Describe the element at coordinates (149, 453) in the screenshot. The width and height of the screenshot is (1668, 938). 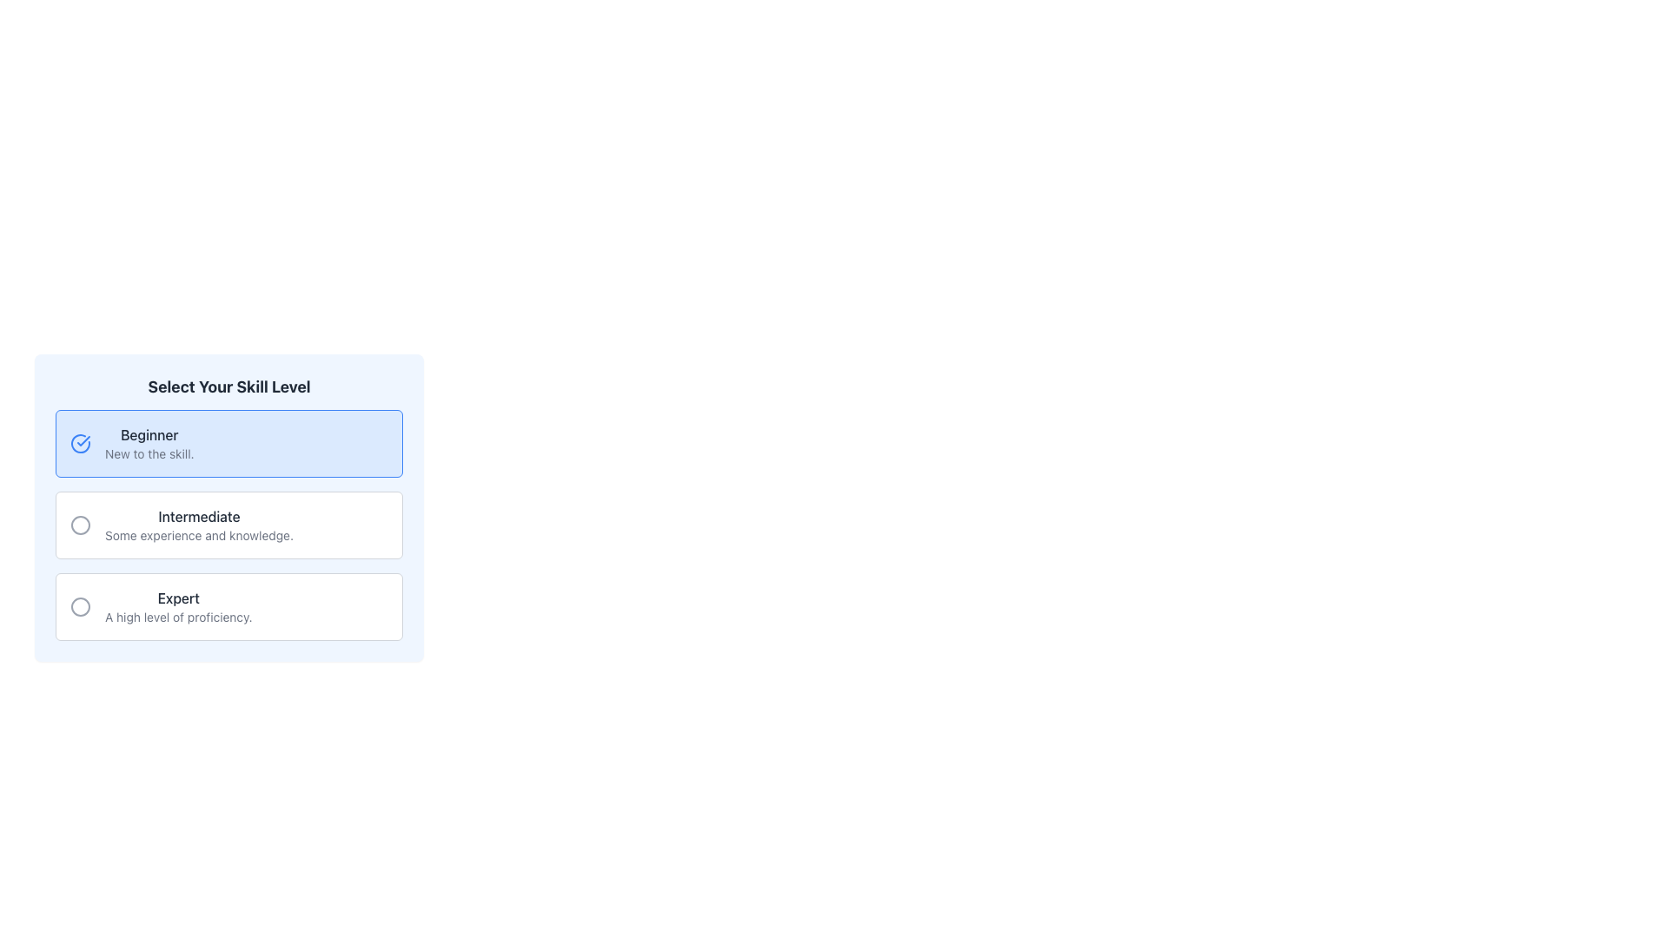
I see `the text label displaying 'New to the skill.' which is located below the 'Beginner' label in the skill level selection component` at that location.